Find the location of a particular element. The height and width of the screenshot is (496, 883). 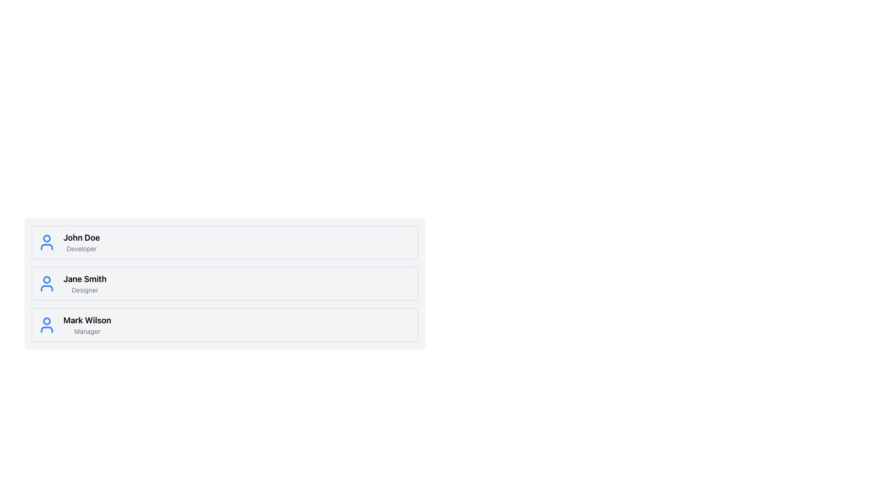

the text label reading 'Manager' which is styled in a subdued gray color and positioned below 'Mark Wilson' in a vertically stacked list of names is located at coordinates (87, 331).